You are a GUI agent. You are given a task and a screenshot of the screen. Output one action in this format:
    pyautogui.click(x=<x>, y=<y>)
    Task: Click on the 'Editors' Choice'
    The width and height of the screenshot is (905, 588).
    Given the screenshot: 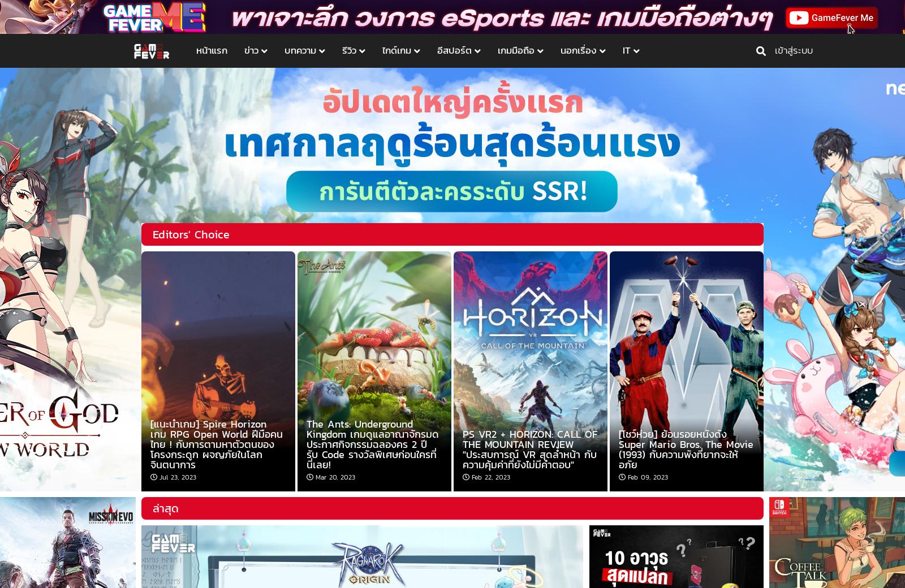 What is the action you would take?
    pyautogui.click(x=153, y=234)
    